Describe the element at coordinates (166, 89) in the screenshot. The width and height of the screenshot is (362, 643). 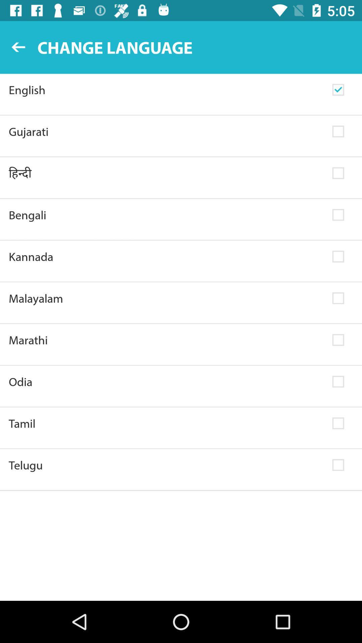
I see `english` at that location.